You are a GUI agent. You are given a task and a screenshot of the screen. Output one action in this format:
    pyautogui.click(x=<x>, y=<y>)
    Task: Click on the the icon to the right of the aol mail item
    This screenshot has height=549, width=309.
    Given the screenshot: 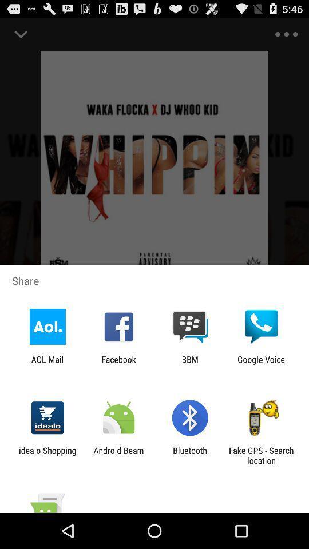 What is the action you would take?
    pyautogui.click(x=118, y=364)
    